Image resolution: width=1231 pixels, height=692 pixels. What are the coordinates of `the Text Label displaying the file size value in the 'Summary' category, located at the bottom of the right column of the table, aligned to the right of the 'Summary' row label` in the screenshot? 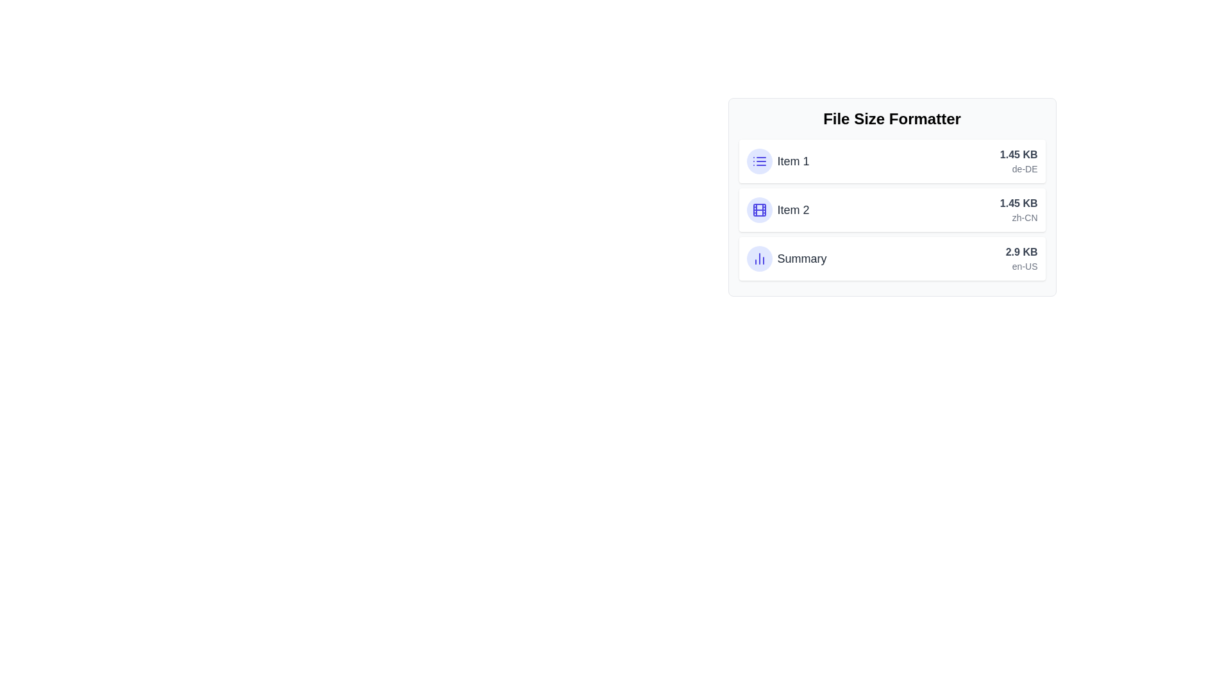 It's located at (1021, 252).